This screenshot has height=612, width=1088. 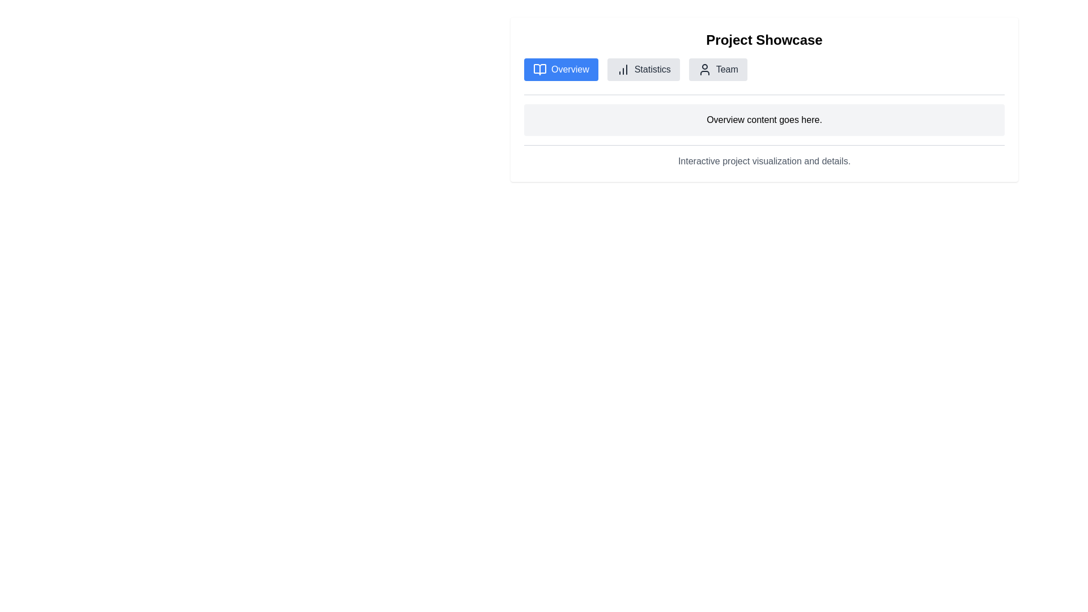 I want to click on the 'Statistics' button, which is the second button in a row of three buttons with a gray background and a bar chart icon, so click(x=643, y=70).